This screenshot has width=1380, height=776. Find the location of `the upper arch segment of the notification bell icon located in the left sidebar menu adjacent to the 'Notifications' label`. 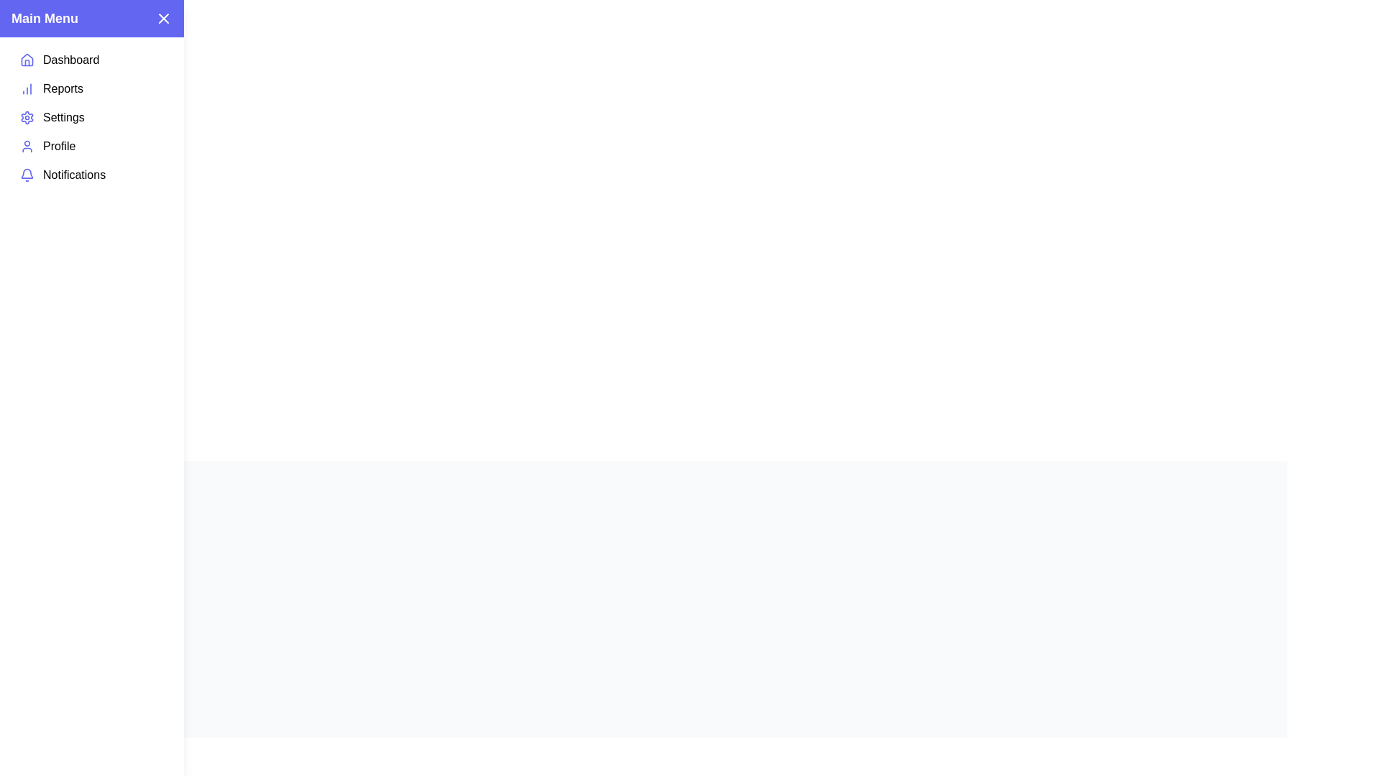

the upper arch segment of the notification bell icon located in the left sidebar menu adjacent to the 'Notifications' label is located at coordinates (27, 172).